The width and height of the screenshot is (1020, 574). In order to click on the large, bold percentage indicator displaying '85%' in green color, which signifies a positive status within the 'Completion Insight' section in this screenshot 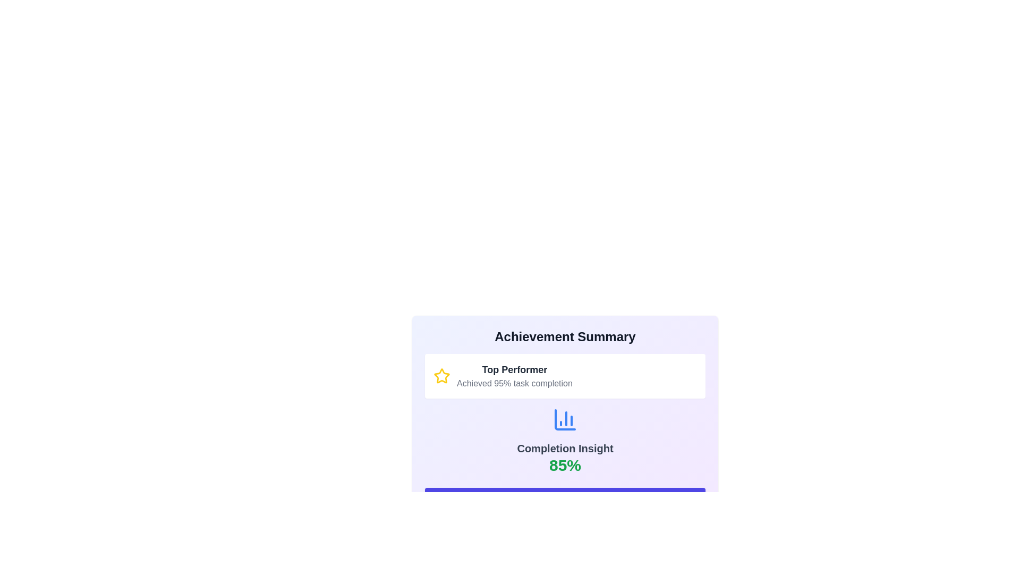, I will do `click(565, 465)`.